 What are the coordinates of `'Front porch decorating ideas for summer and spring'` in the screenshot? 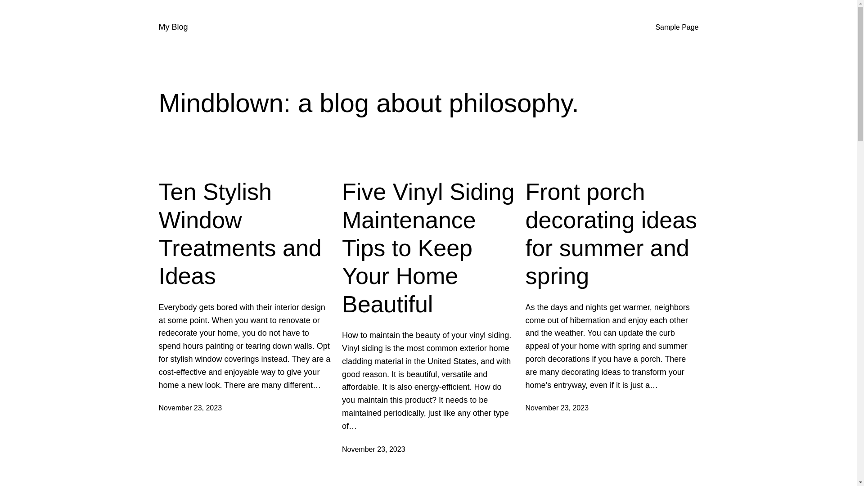 It's located at (612, 234).